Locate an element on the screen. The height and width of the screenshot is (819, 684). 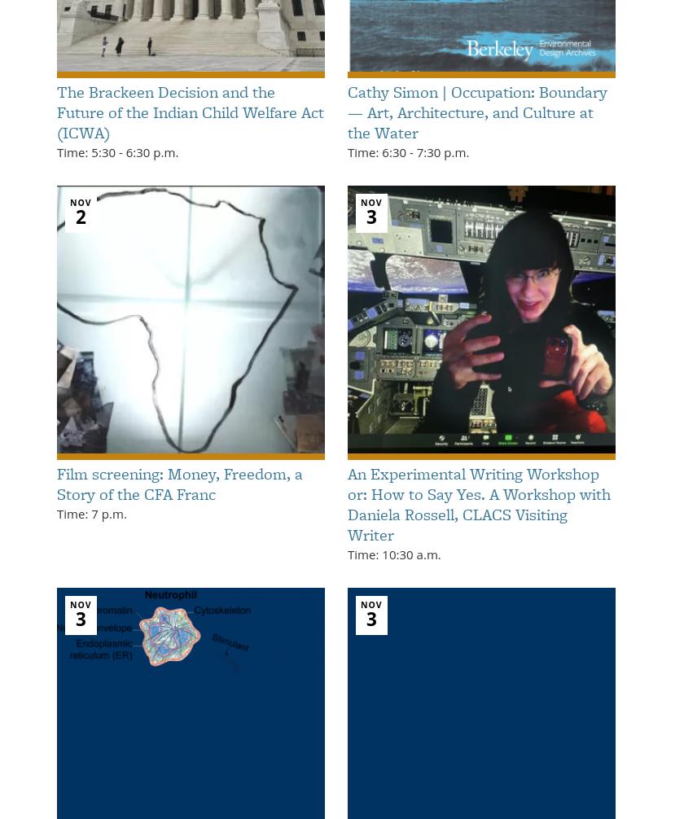
'6:30 p.m.' is located at coordinates (150, 151).